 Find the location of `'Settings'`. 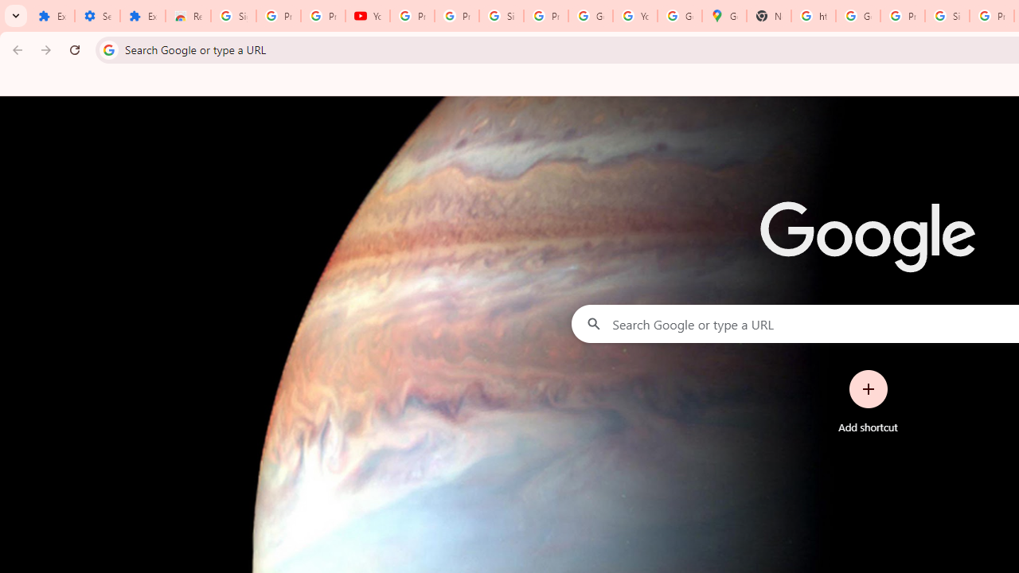

'Settings' is located at coordinates (96, 16).